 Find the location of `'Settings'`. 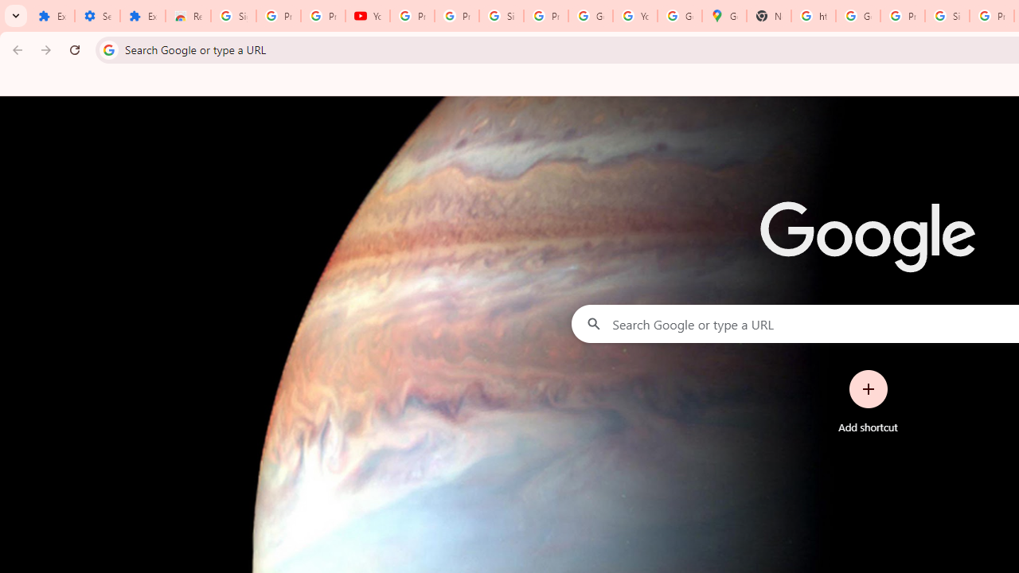

'Settings' is located at coordinates (96, 16).